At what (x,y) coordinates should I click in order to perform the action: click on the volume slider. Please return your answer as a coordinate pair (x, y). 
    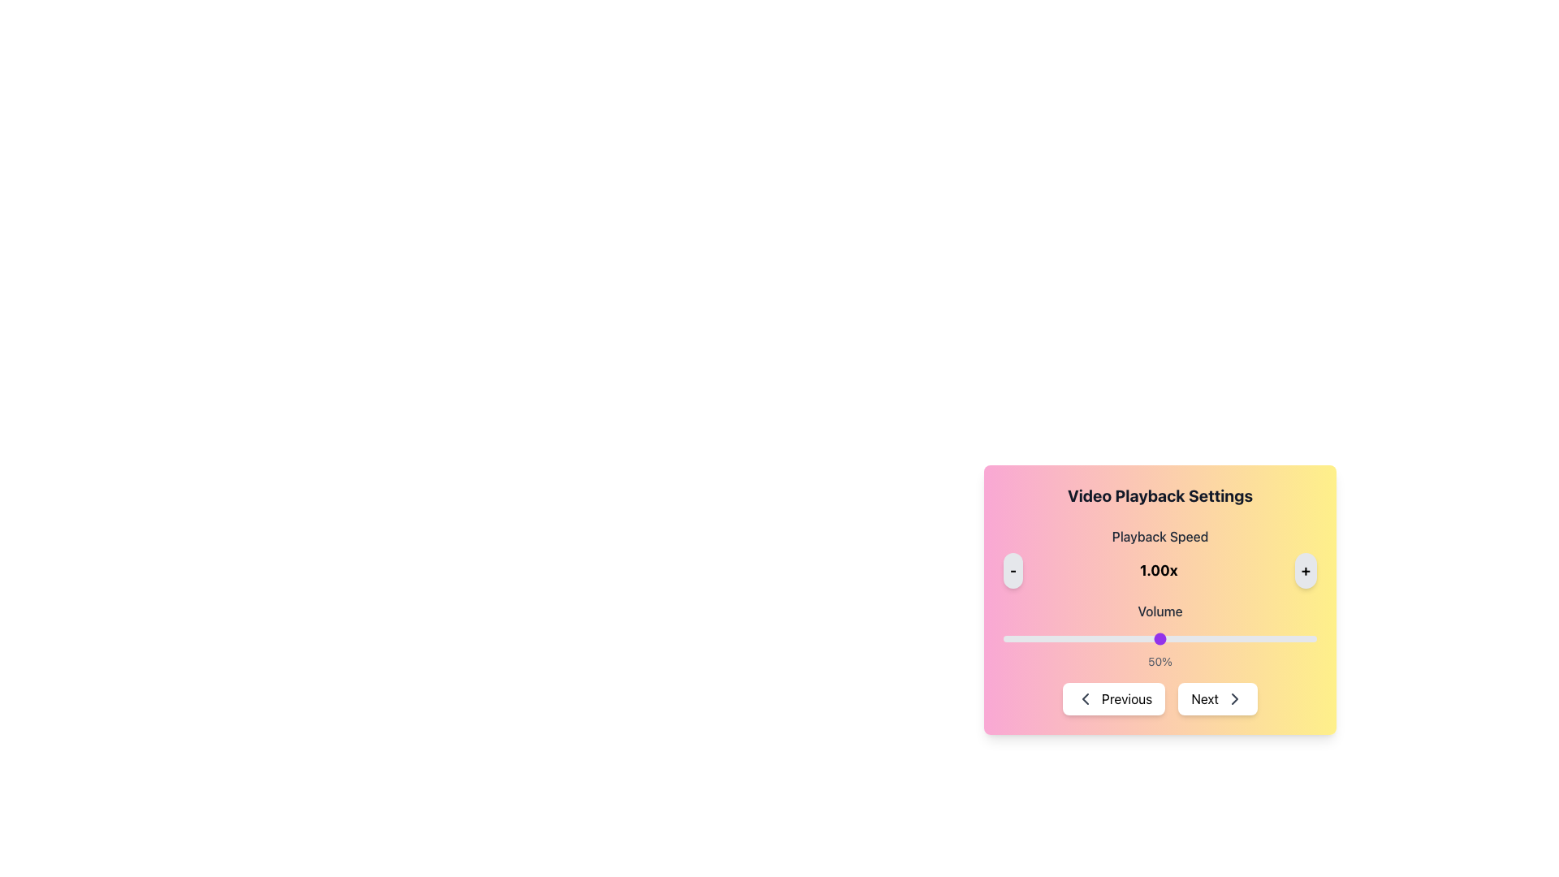
    Looking at the image, I should click on (1100, 637).